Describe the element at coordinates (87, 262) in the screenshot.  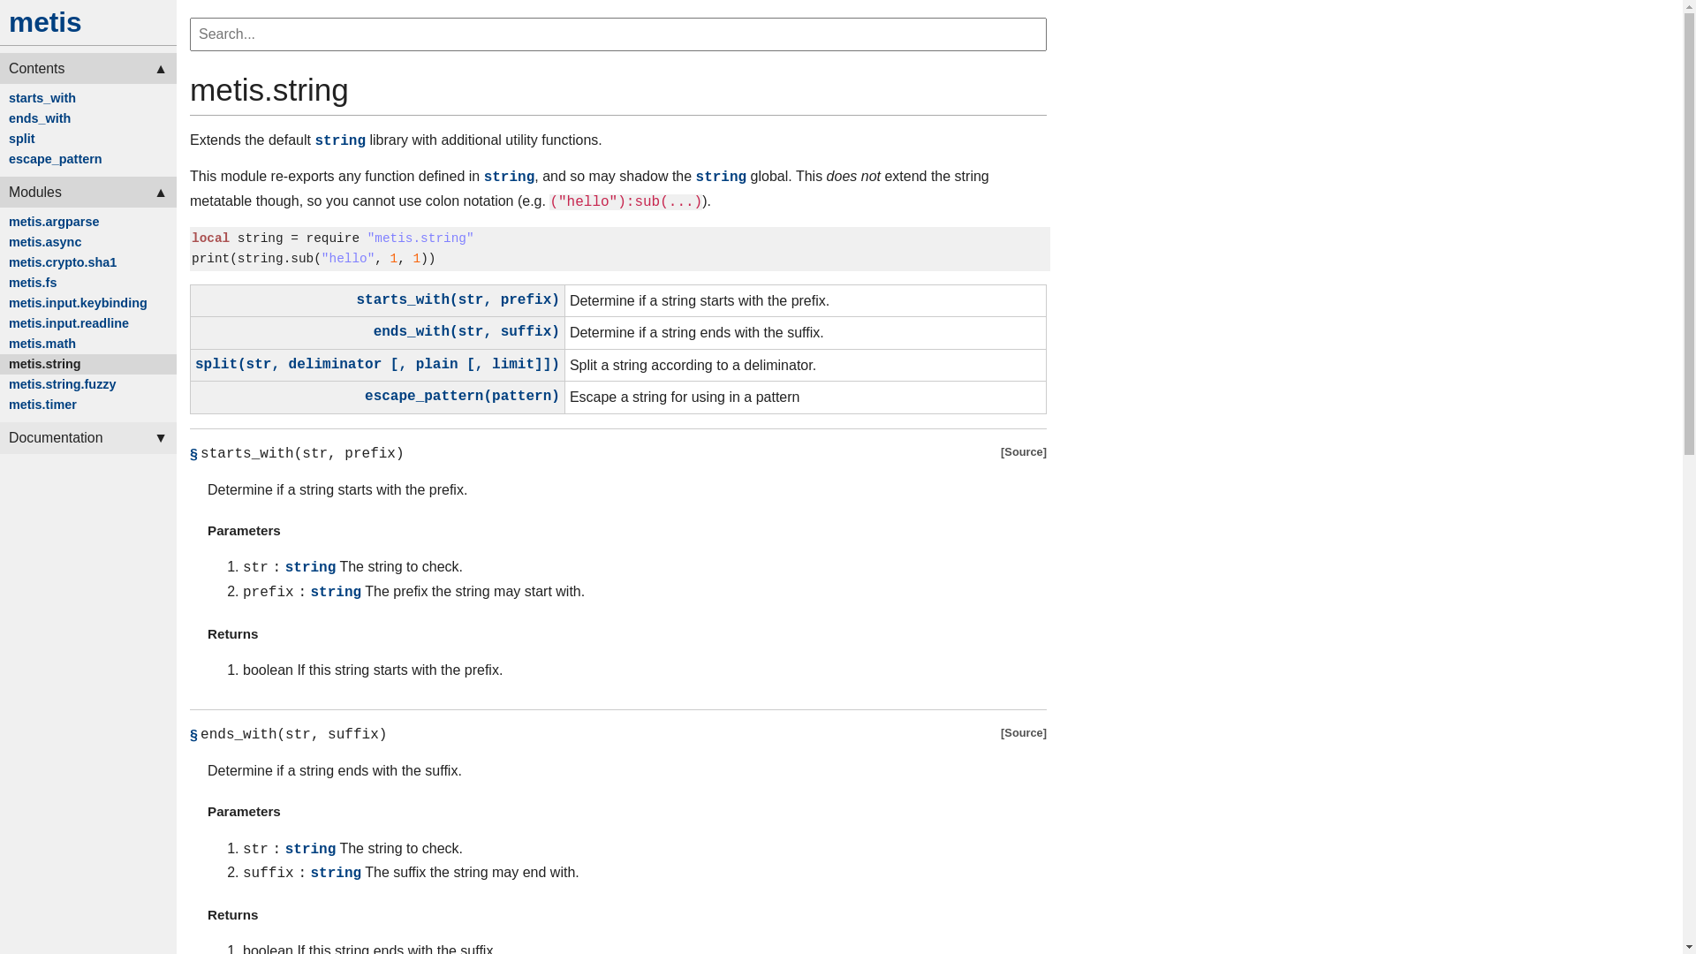
I see `'metis.crypto.sha1'` at that location.